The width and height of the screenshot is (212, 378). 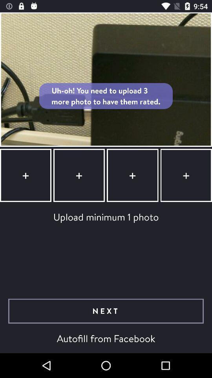 I want to click on autofill from facebook, so click(x=106, y=338).